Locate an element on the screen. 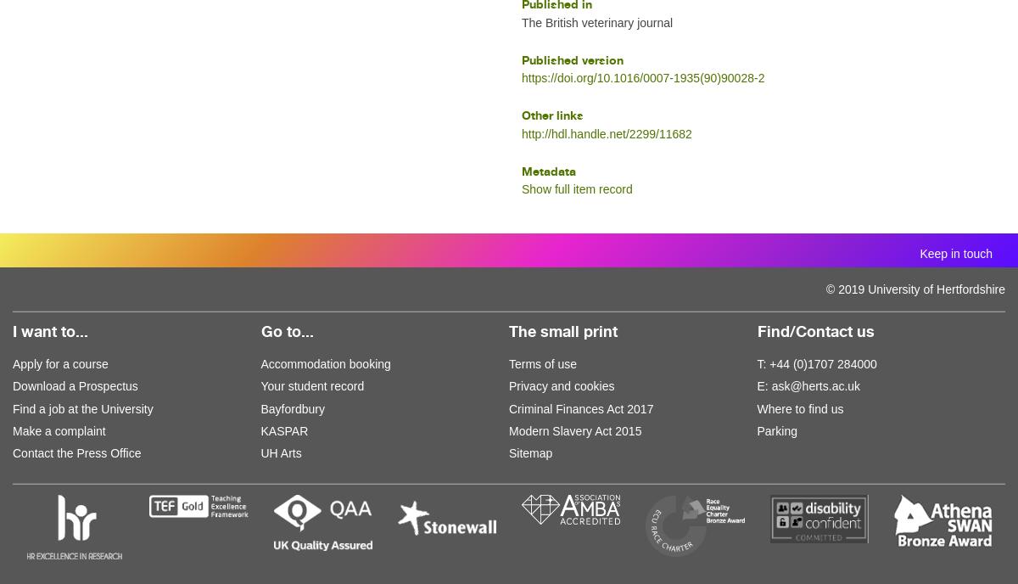 The height and width of the screenshot is (584, 1018). 'Keep in touch' is located at coordinates (918, 254).